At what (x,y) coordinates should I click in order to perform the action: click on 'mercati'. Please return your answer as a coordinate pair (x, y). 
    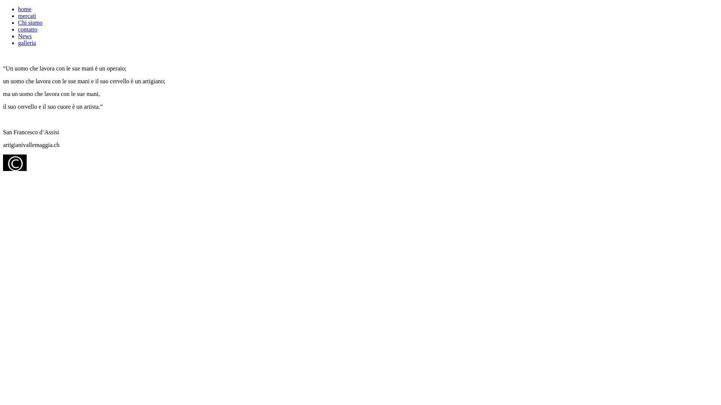
    Looking at the image, I should click on (27, 16).